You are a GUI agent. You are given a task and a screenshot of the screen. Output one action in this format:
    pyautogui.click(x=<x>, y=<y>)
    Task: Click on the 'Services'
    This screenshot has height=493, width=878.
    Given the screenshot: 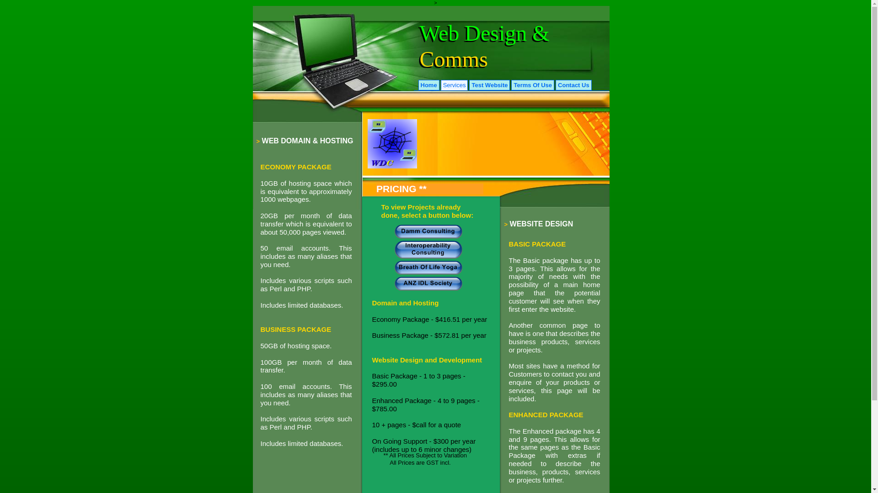 What is the action you would take?
    pyautogui.click(x=454, y=85)
    